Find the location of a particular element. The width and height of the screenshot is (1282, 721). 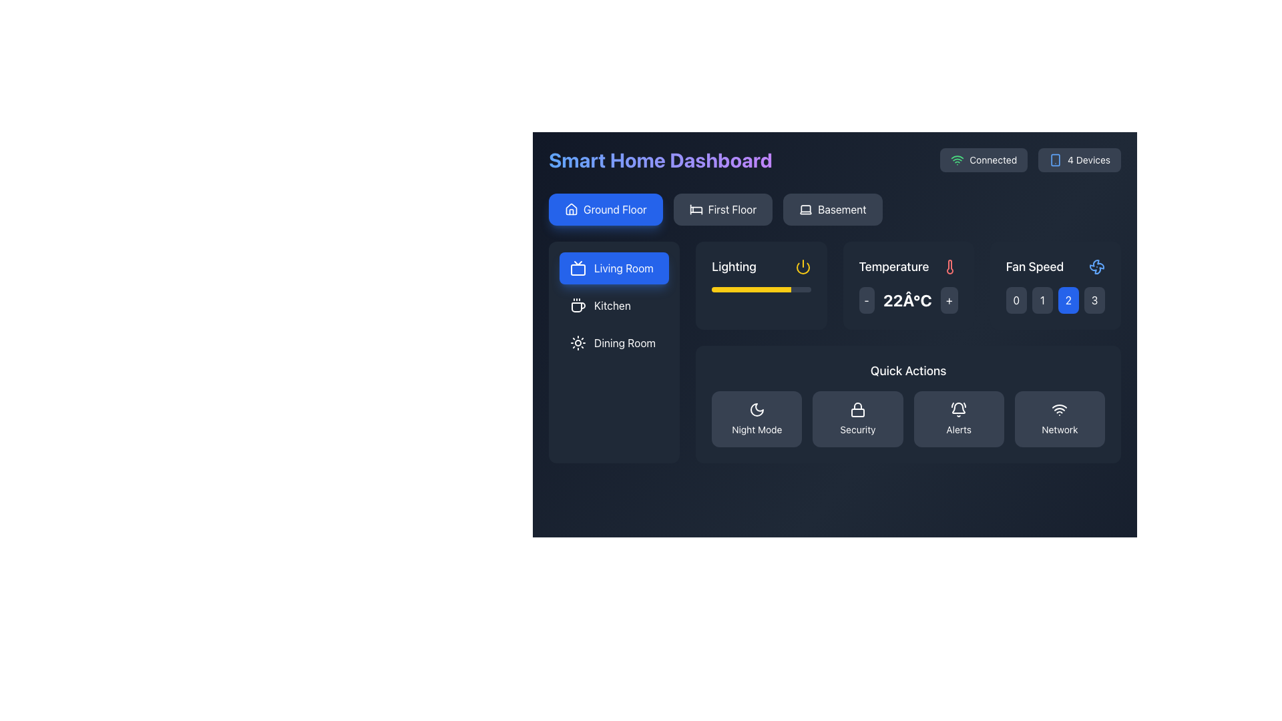

slider is located at coordinates (733, 289).